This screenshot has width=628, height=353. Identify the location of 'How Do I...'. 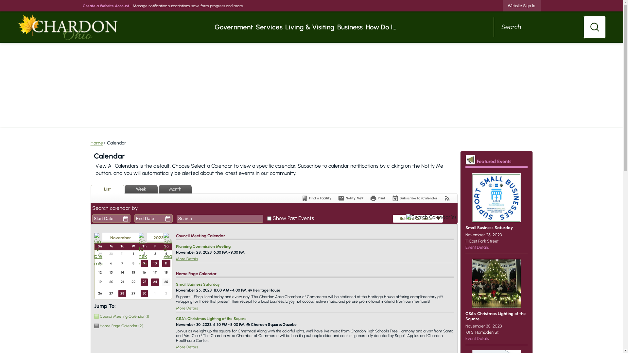
(364, 27).